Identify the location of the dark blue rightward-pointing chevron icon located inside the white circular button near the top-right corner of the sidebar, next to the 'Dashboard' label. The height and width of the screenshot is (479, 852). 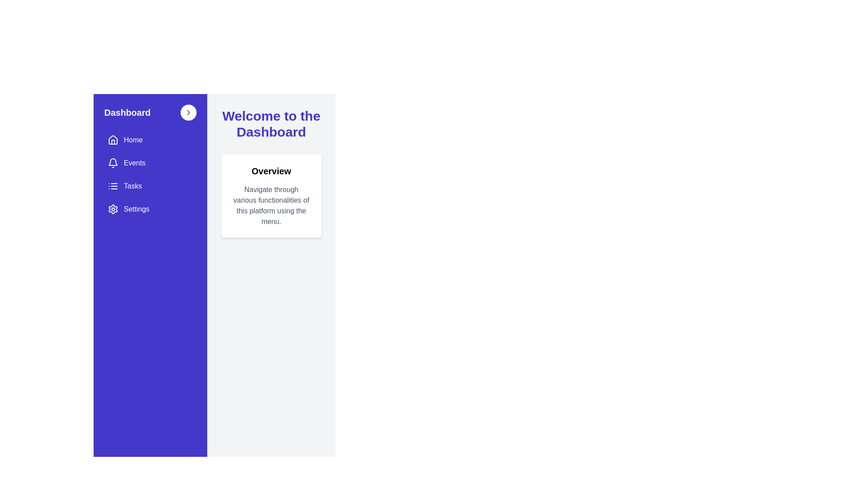
(188, 112).